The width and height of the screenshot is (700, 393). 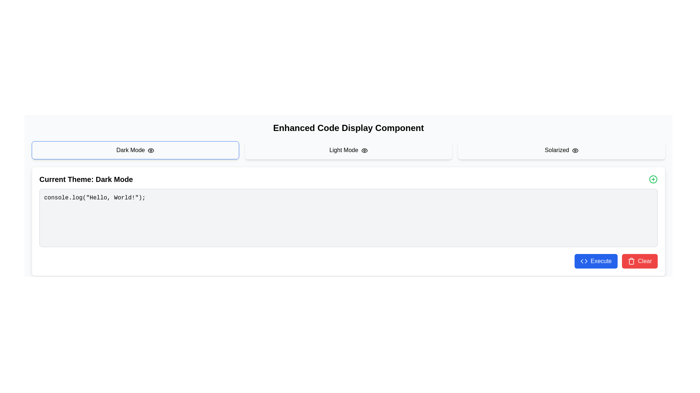 I want to click on the trash icon with a red background inside the 'Clear' button, so click(x=631, y=261).